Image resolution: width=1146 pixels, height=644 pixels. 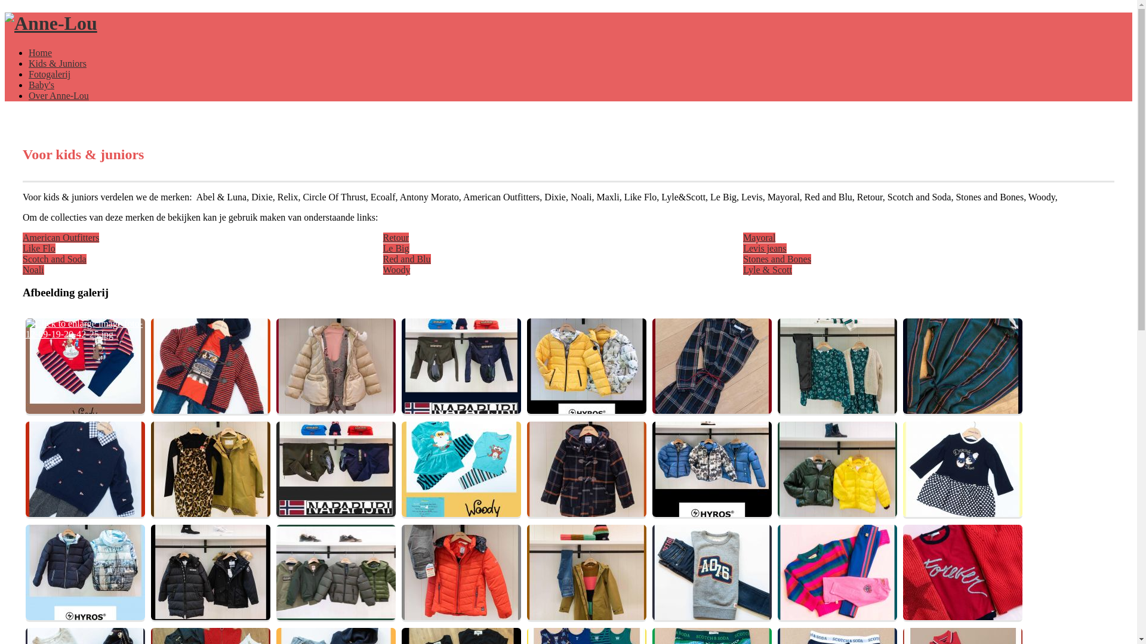 What do you see at coordinates (396, 247) in the screenshot?
I see `'Le Big'` at bounding box center [396, 247].